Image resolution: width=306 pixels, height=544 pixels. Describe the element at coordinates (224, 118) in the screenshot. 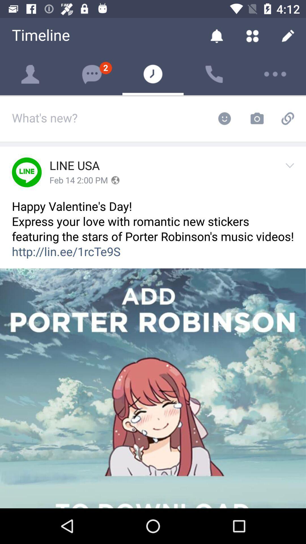

I see `the emoji button on the web page` at that location.